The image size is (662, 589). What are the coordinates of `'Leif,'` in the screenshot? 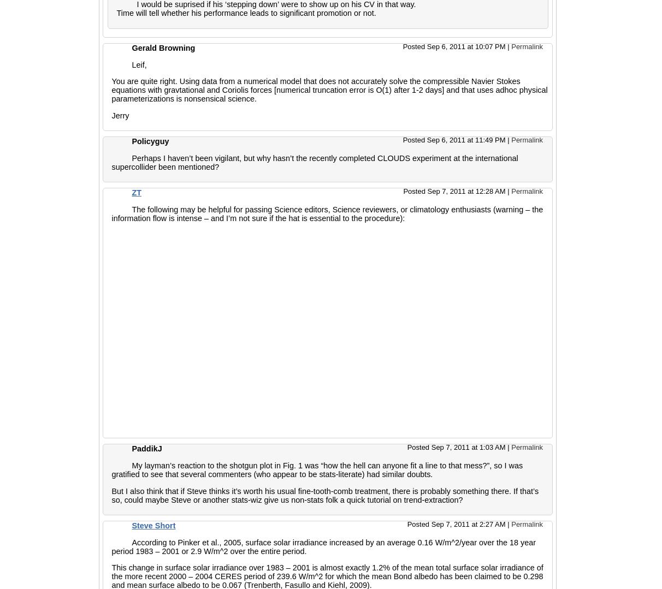 It's located at (131, 64).